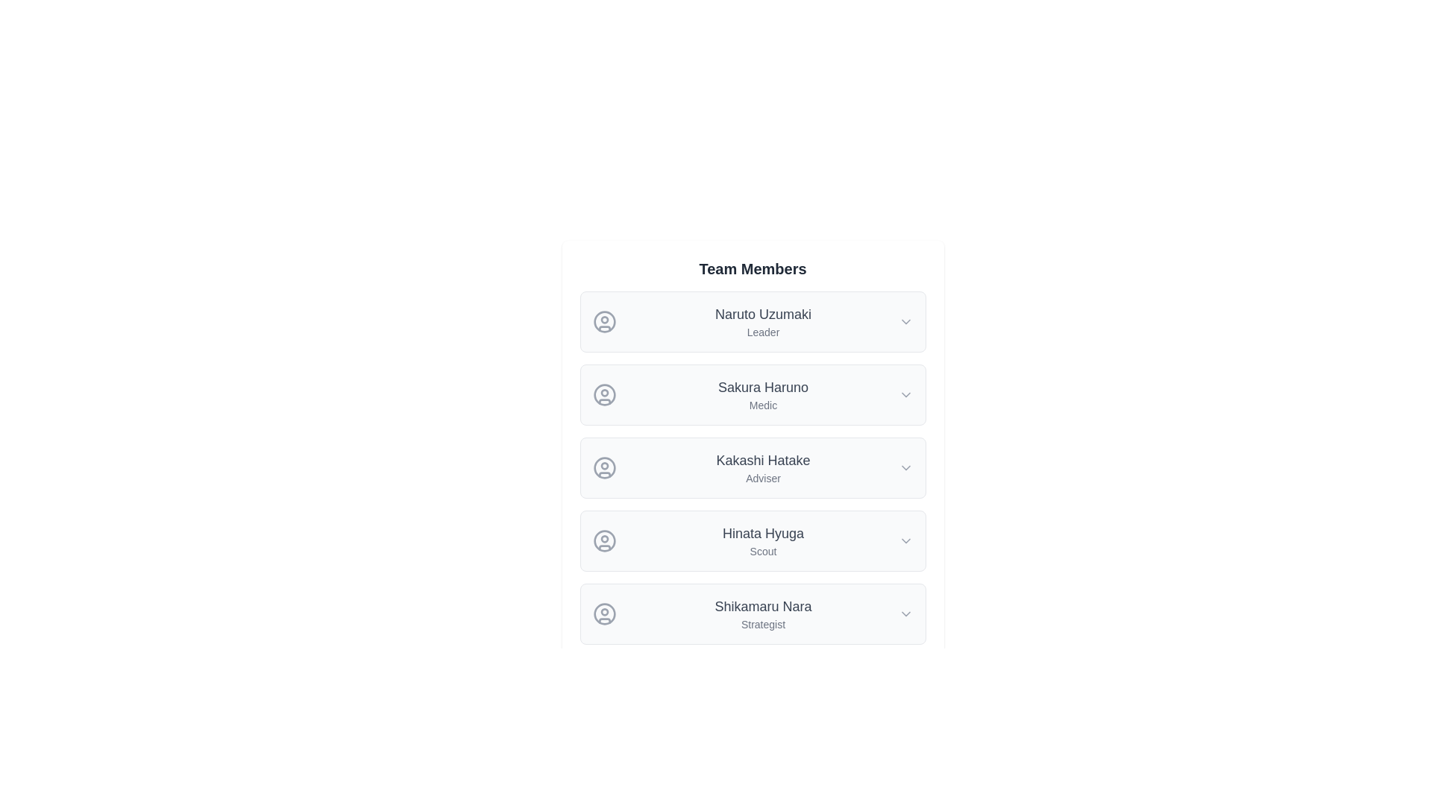  Describe the element at coordinates (763, 467) in the screenshot. I see `the Text Block displaying the name and role of the team member in the 'Team Members' section` at that location.